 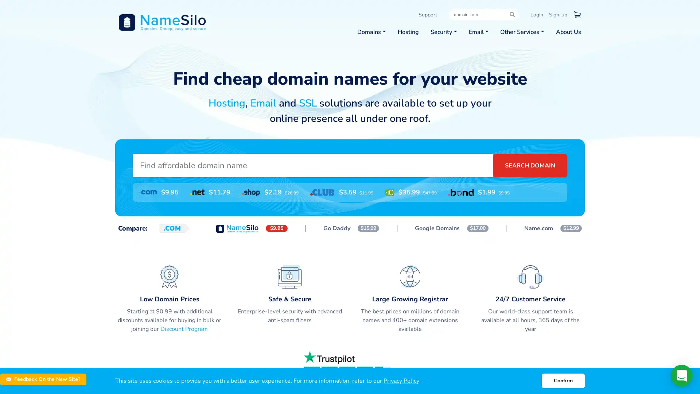 What do you see at coordinates (563, 381) in the screenshot?
I see `Confirm` at bounding box center [563, 381].